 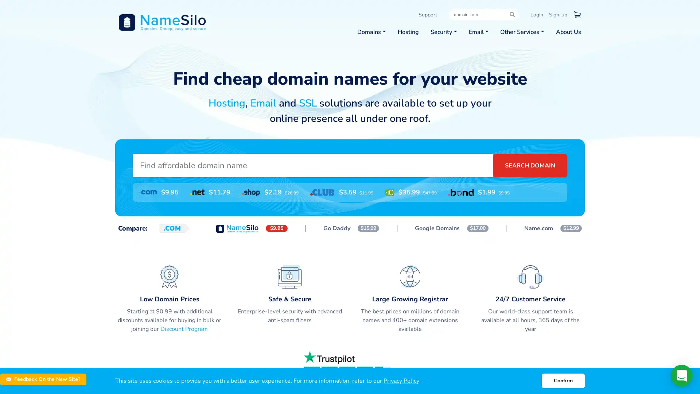 What do you see at coordinates (563, 381) in the screenshot?
I see `Confirm` at bounding box center [563, 381].